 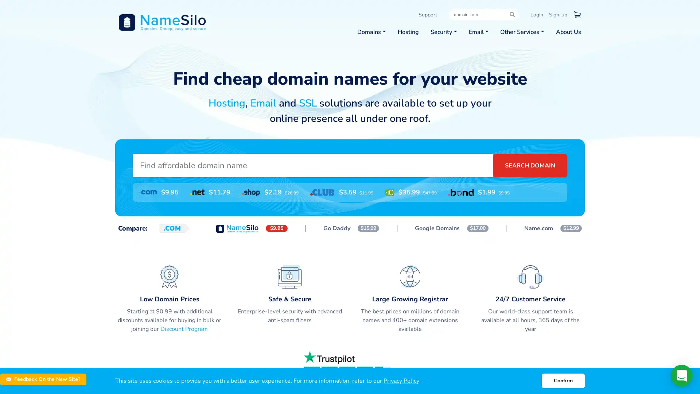 What do you see at coordinates (563, 381) in the screenshot?
I see `Confirm` at bounding box center [563, 381].